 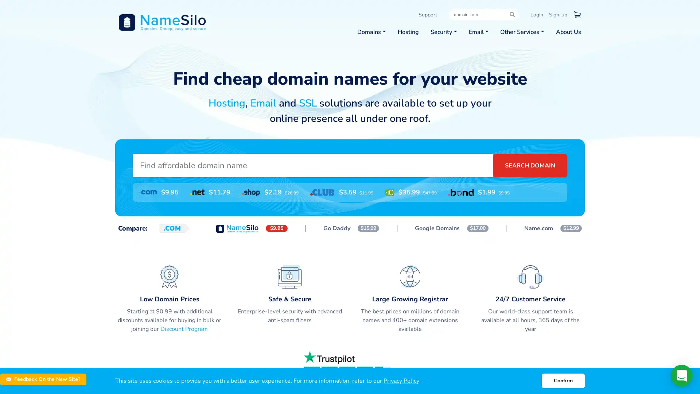 What do you see at coordinates (563, 381) in the screenshot?
I see `Confirm` at bounding box center [563, 381].